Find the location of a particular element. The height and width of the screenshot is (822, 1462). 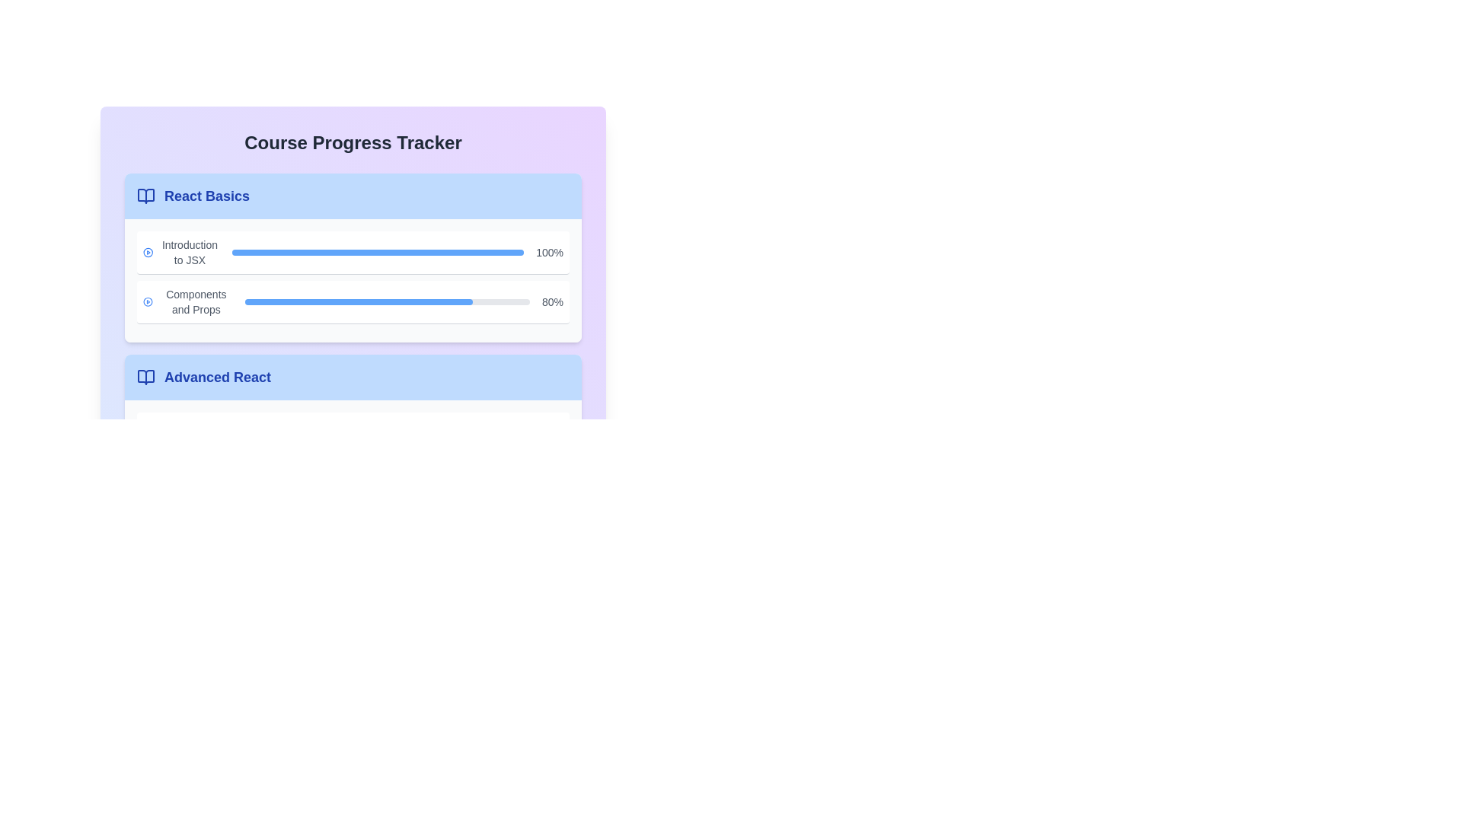

the 'React Basics' text label, which serves as a header for the course section and indicates the content related to the following progress elements is located at coordinates (206, 196).